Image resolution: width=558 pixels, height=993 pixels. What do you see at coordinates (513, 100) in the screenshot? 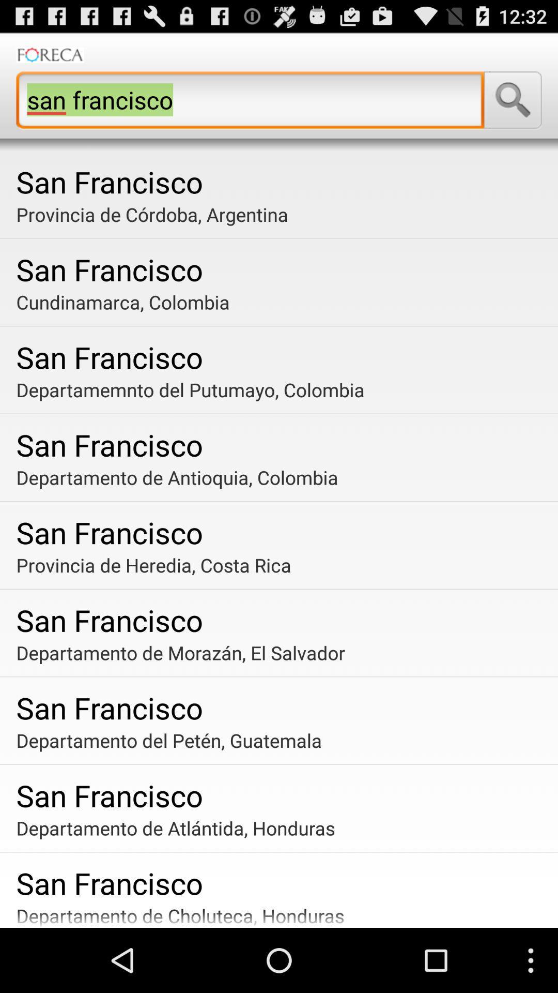
I see `the button at the top right corner` at bounding box center [513, 100].